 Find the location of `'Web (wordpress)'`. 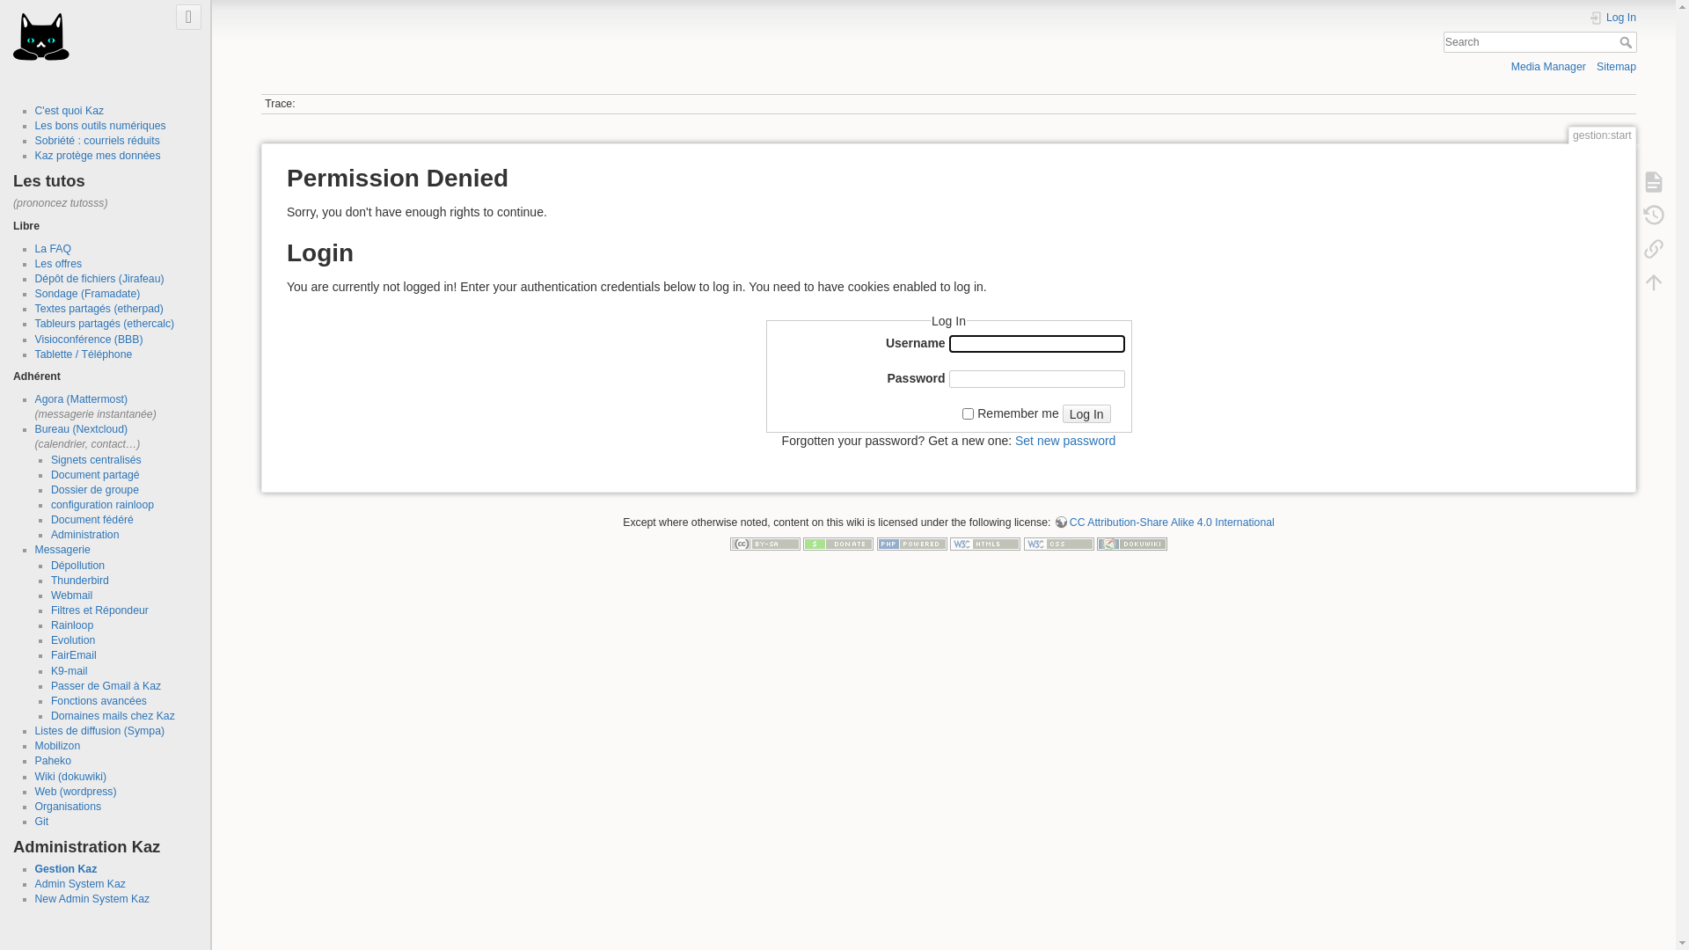

'Web (wordpress)' is located at coordinates (75, 790).